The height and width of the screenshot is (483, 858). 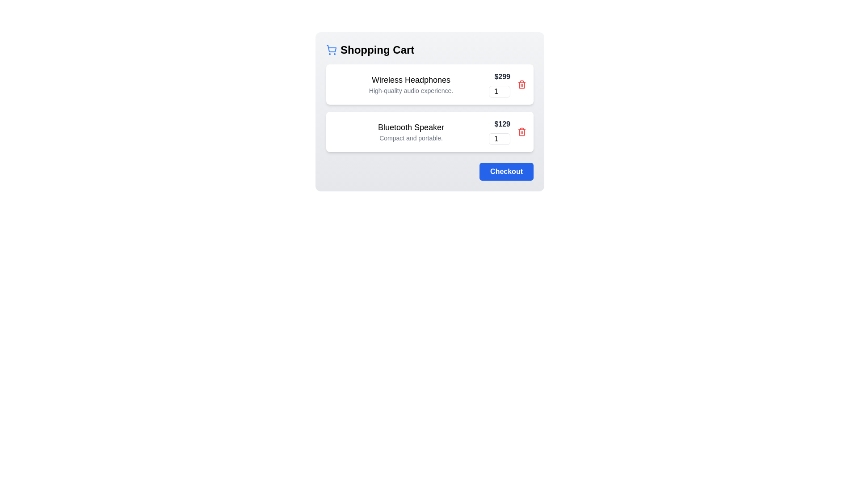 What do you see at coordinates (499, 91) in the screenshot?
I see `the quantity of the item to 78 by interacting with the input field` at bounding box center [499, 91].